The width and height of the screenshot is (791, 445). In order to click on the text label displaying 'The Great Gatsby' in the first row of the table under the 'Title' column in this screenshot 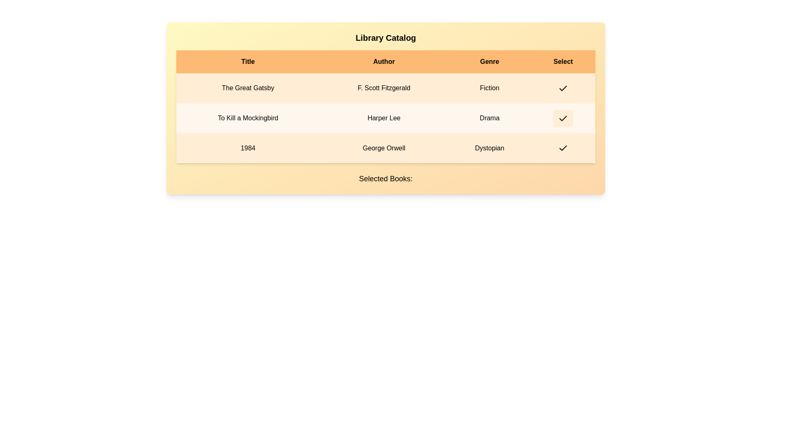, I will do `click(248, 88)`.